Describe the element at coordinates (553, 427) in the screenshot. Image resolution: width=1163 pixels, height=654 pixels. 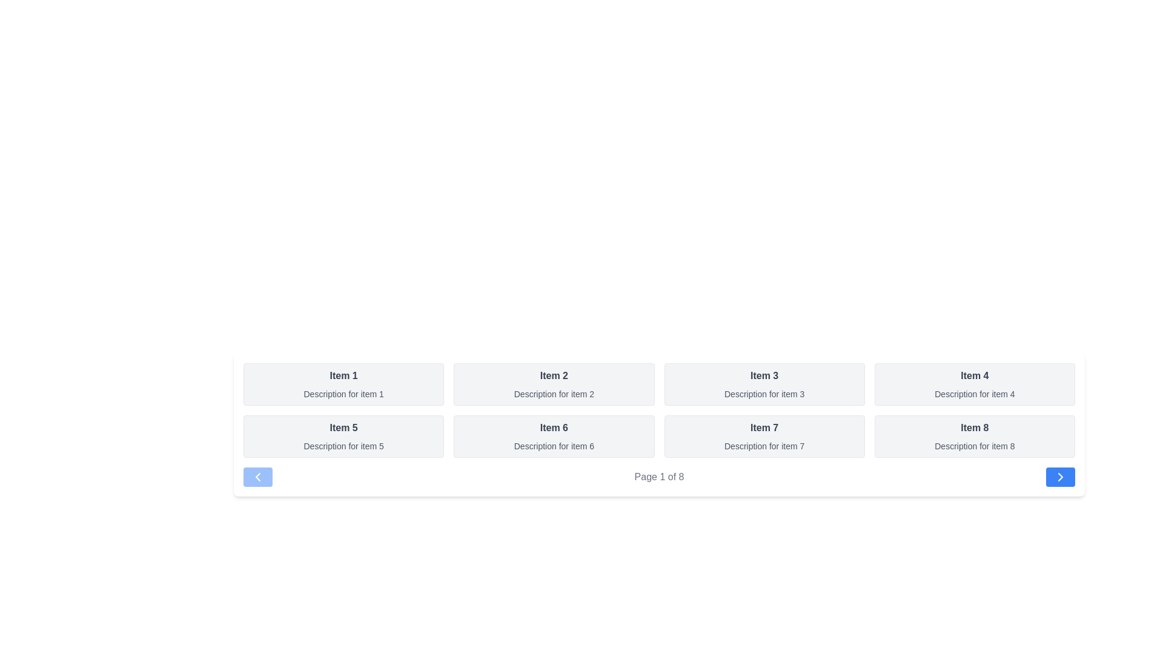
I see `the text label that identifies 'Item 6' in the bottom row, second column of the grid layout` at that location.